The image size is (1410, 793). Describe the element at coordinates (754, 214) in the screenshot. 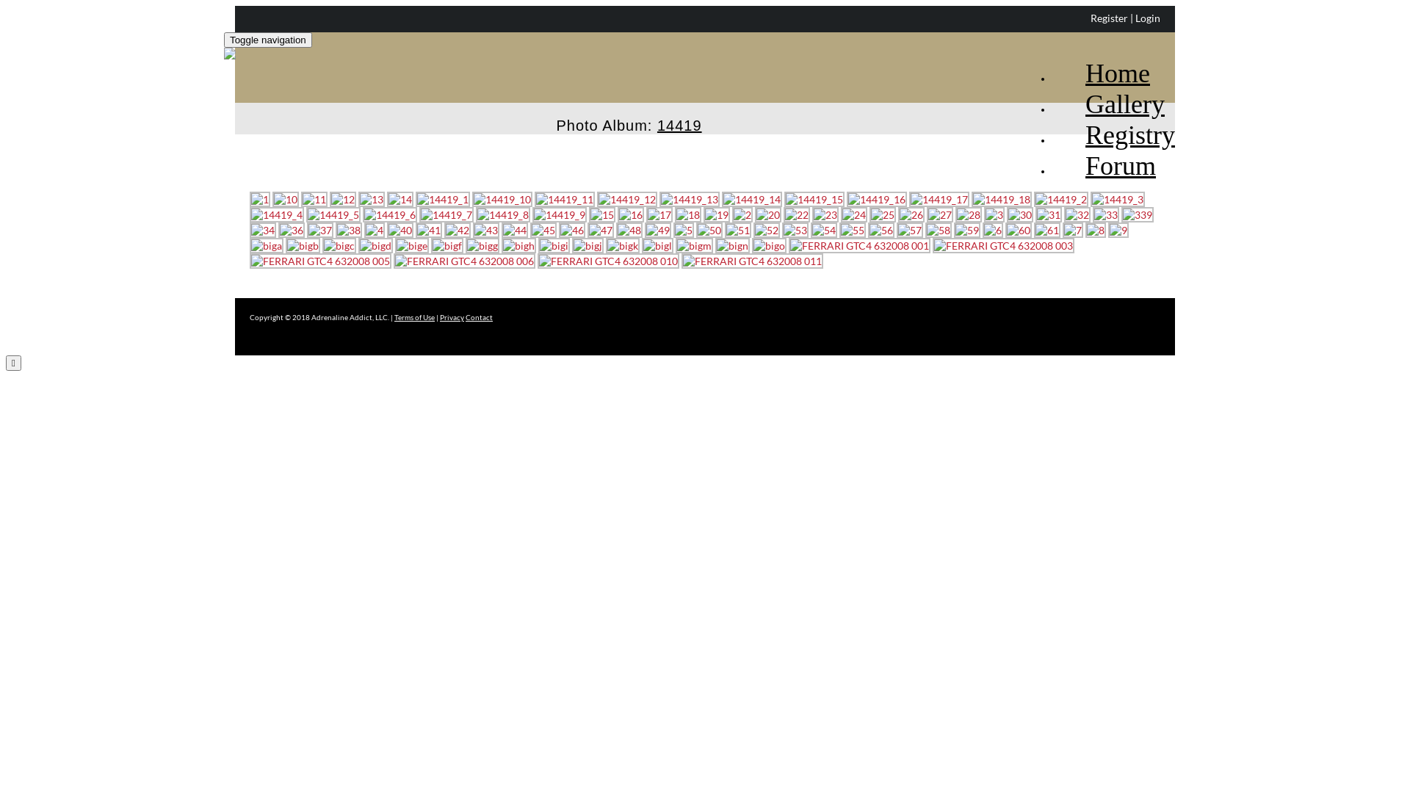

I see `'20 (click to enlarge)'` at that location.